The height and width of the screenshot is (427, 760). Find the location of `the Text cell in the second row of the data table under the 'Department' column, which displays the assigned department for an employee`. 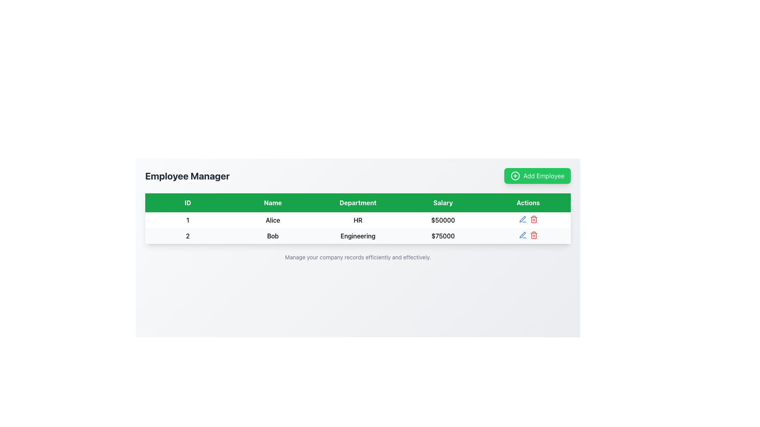

the Text cell in the second row of the data table under the 'Department' column, which displays the assigned department for an employee is located at coordinates (357, 236).